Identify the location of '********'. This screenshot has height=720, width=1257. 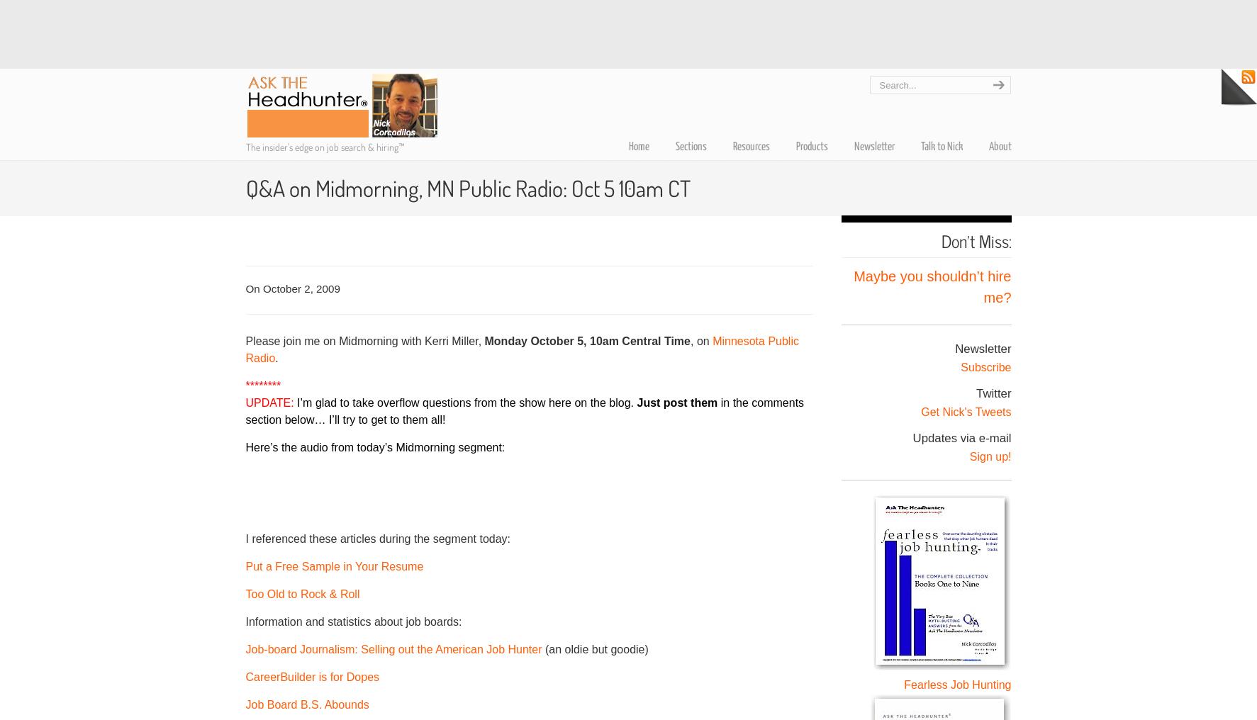
(245, 384).